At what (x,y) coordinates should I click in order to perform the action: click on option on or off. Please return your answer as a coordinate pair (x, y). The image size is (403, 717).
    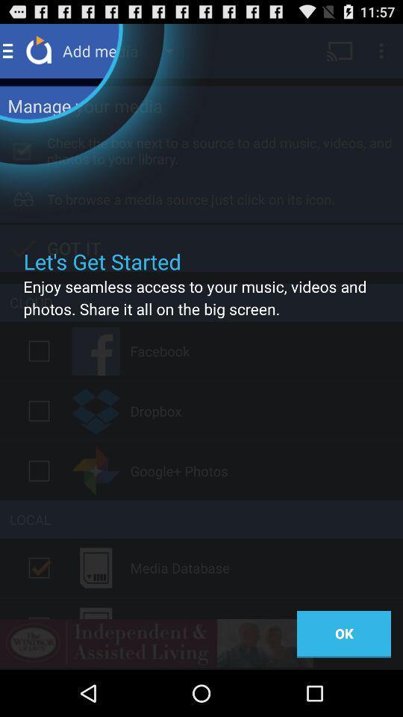
    Looking at the image, I should click on (39, 470).